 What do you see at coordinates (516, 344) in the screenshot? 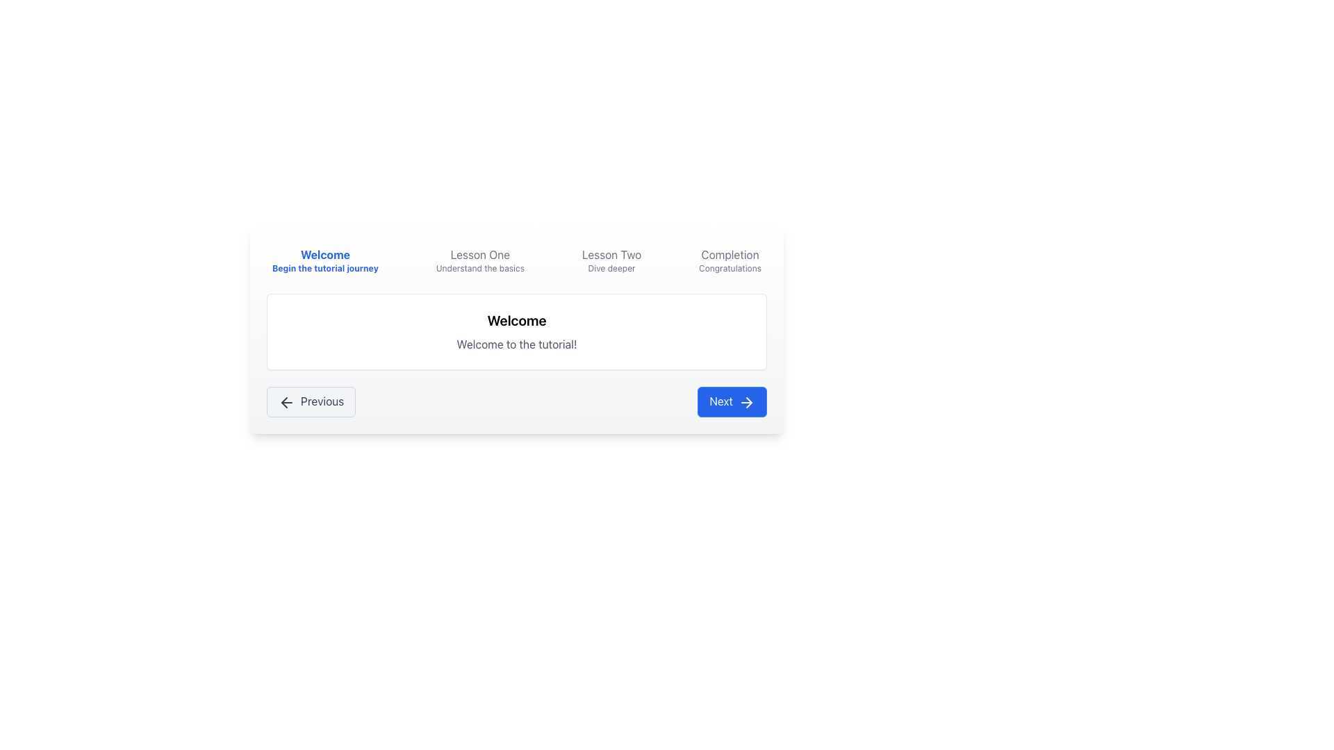
I see `message displayed in the text component that says 'Welcome to the tutorial!' located below the bold 'Welcome' heading` at bounding box center [516, 344].